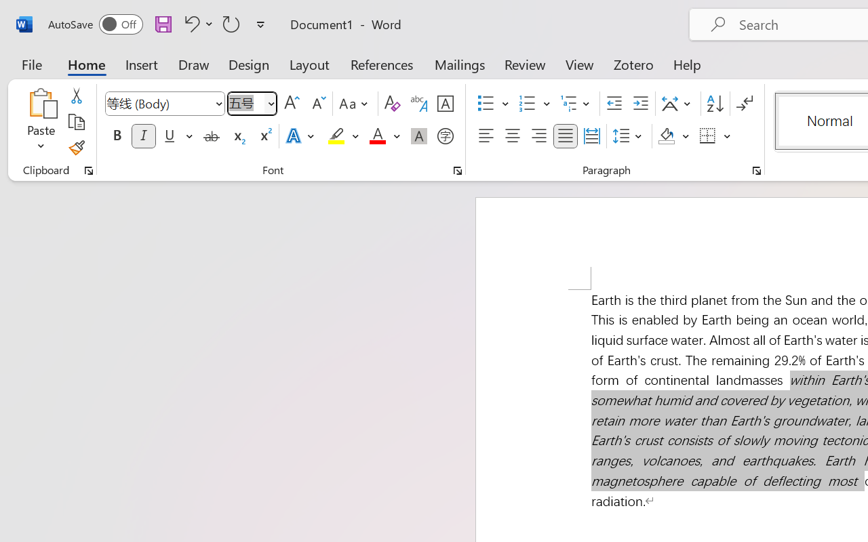 This screenshot has width=868, height=542. Describe the element at coordinates (231, 23) in the screenshot. I see `'Repeat Italic'` at that location.